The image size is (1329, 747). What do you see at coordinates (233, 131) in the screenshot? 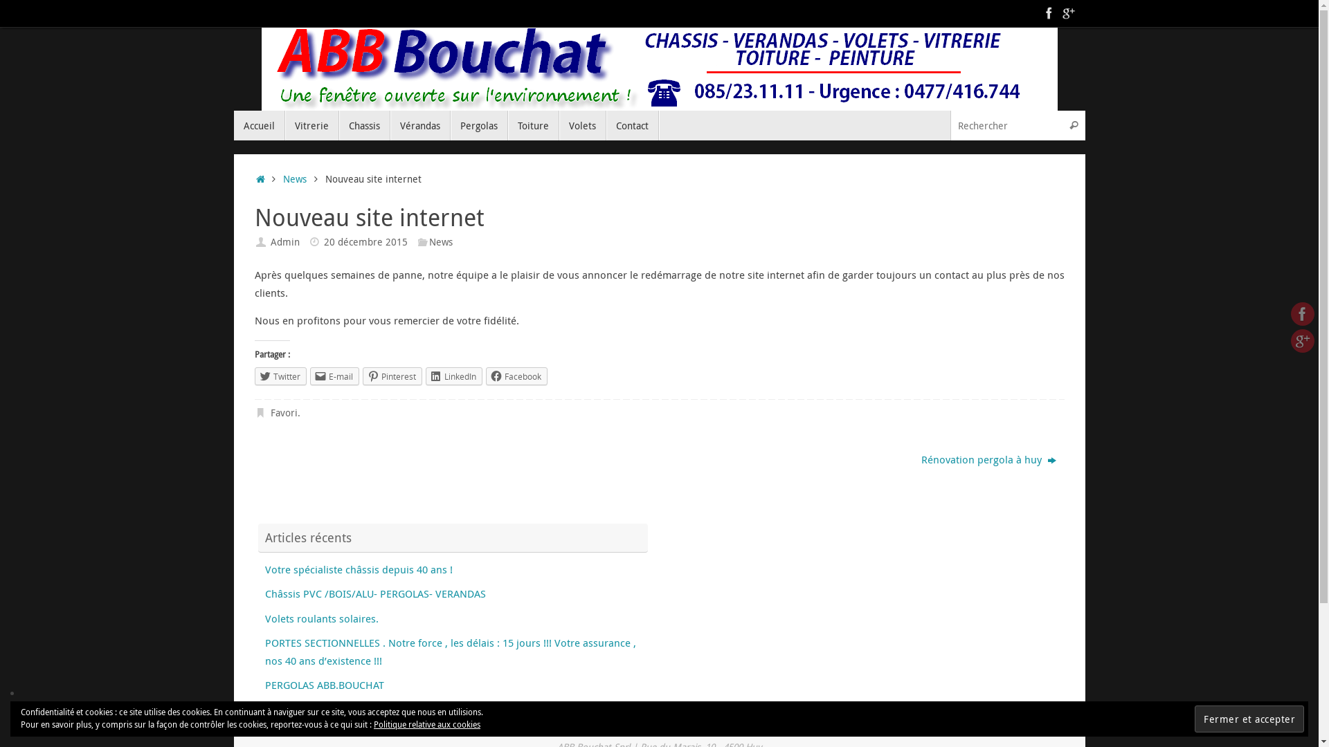
I see `'Passer au contenu'` at bounding box center [233, 131].